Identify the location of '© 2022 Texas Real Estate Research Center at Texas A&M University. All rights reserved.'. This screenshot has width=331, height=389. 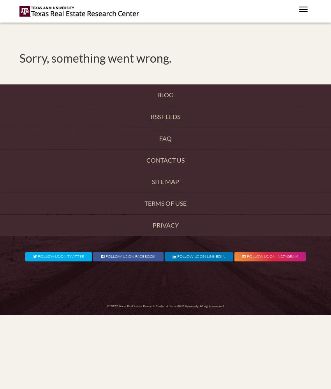
(165, 306).